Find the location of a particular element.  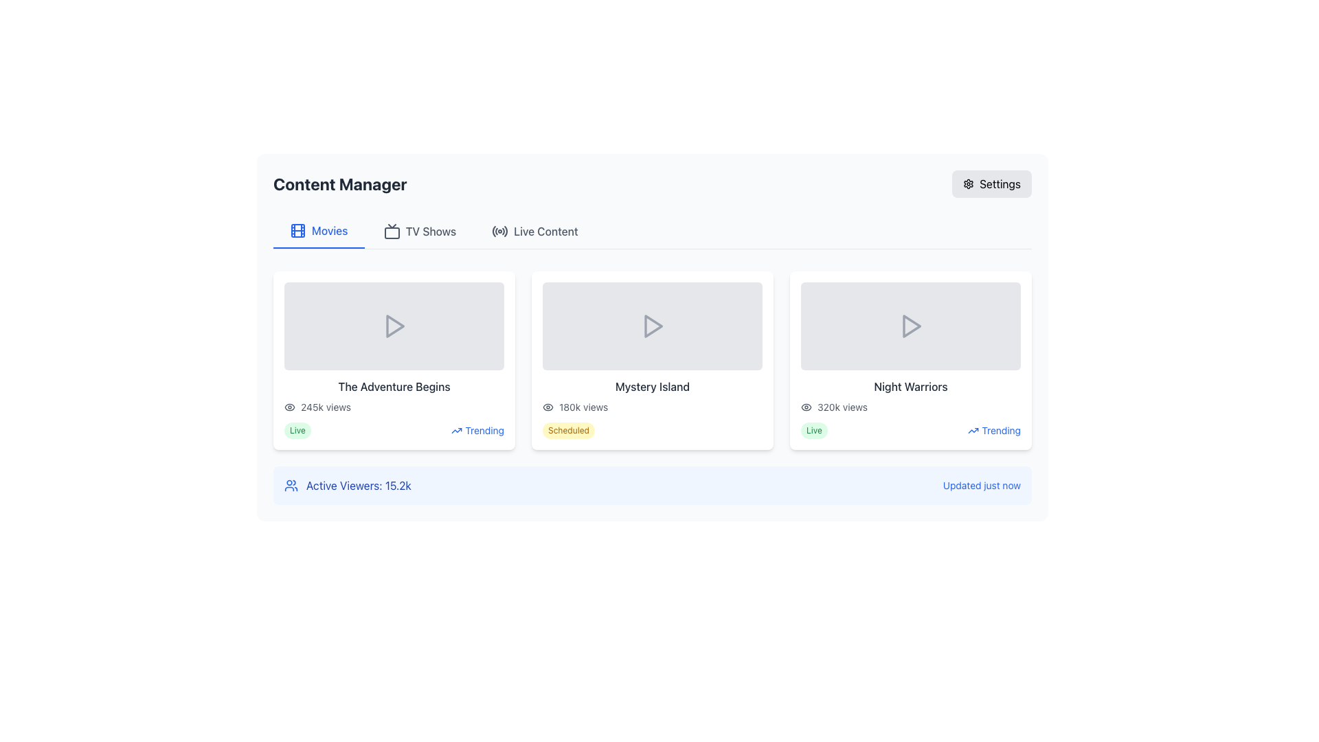

the 'Trending' label with an upward trending arrow icon located in the bottom right corner of the card labeled 'The Adventure Begins' is located at coordinates (477, 430).